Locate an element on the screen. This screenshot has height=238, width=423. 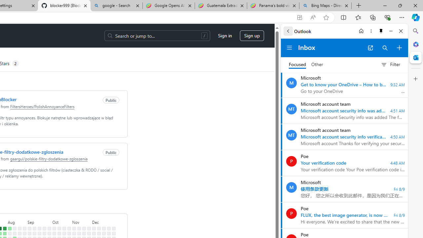
'No contributions on December 30th.' is located at coordinates (113, 233).